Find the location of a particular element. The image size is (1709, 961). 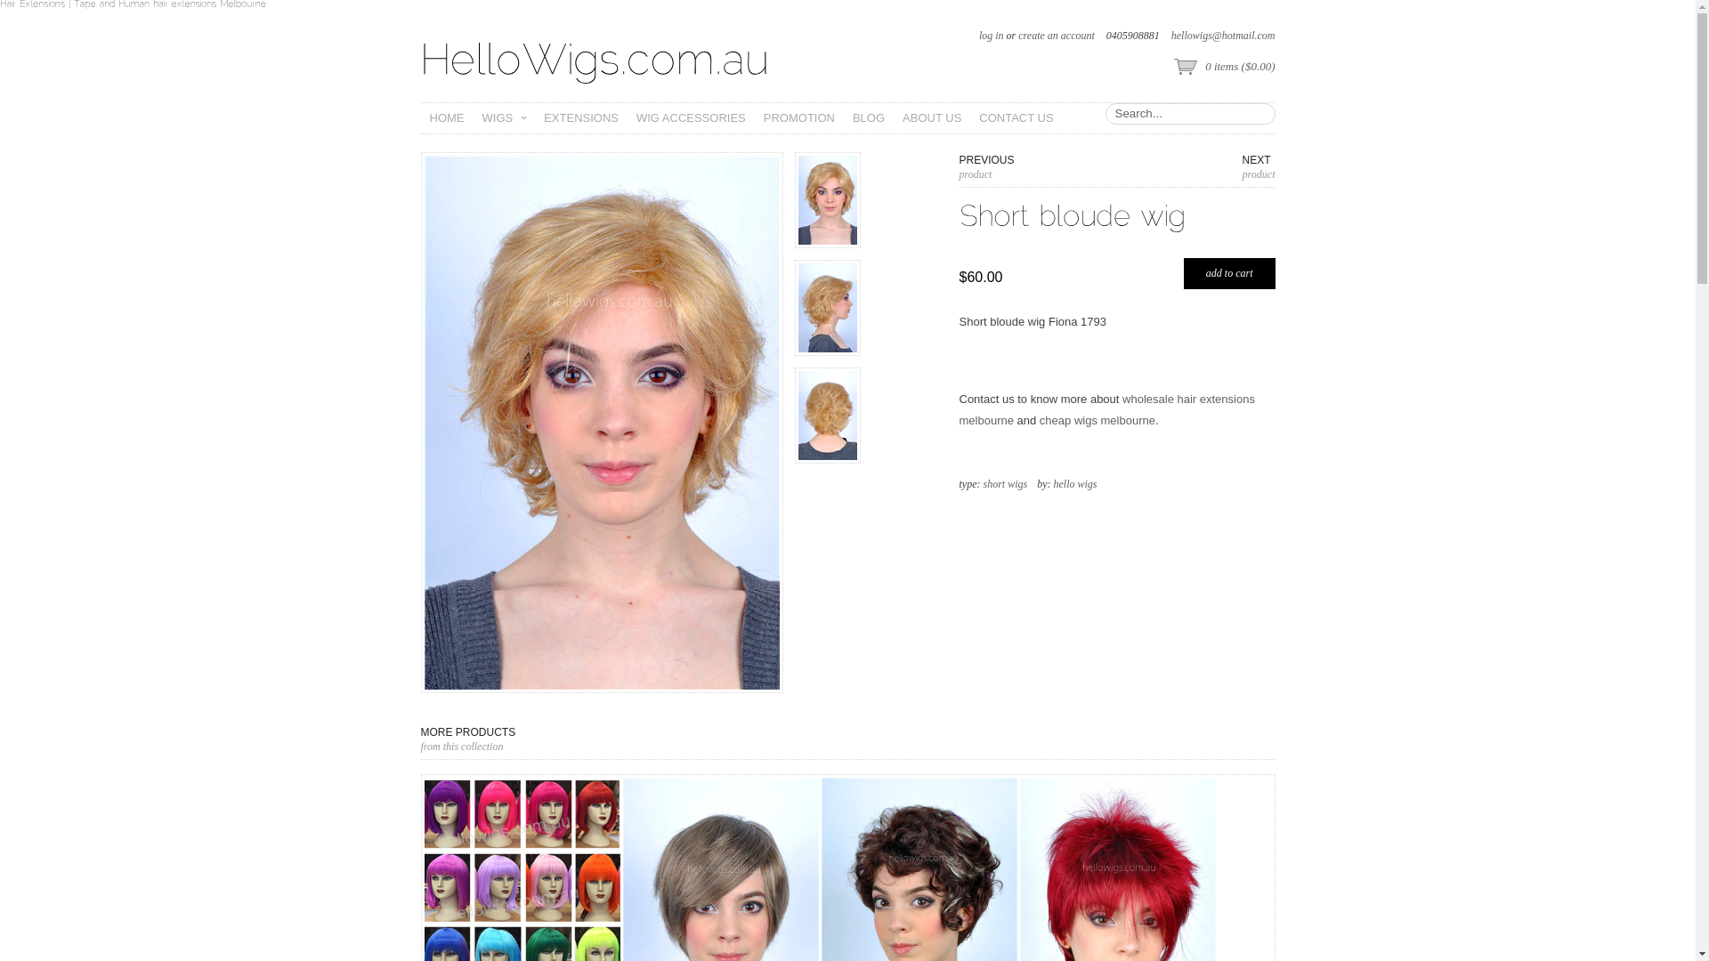

'0 items ($0.00)' is located at coordinates (1222, 67).